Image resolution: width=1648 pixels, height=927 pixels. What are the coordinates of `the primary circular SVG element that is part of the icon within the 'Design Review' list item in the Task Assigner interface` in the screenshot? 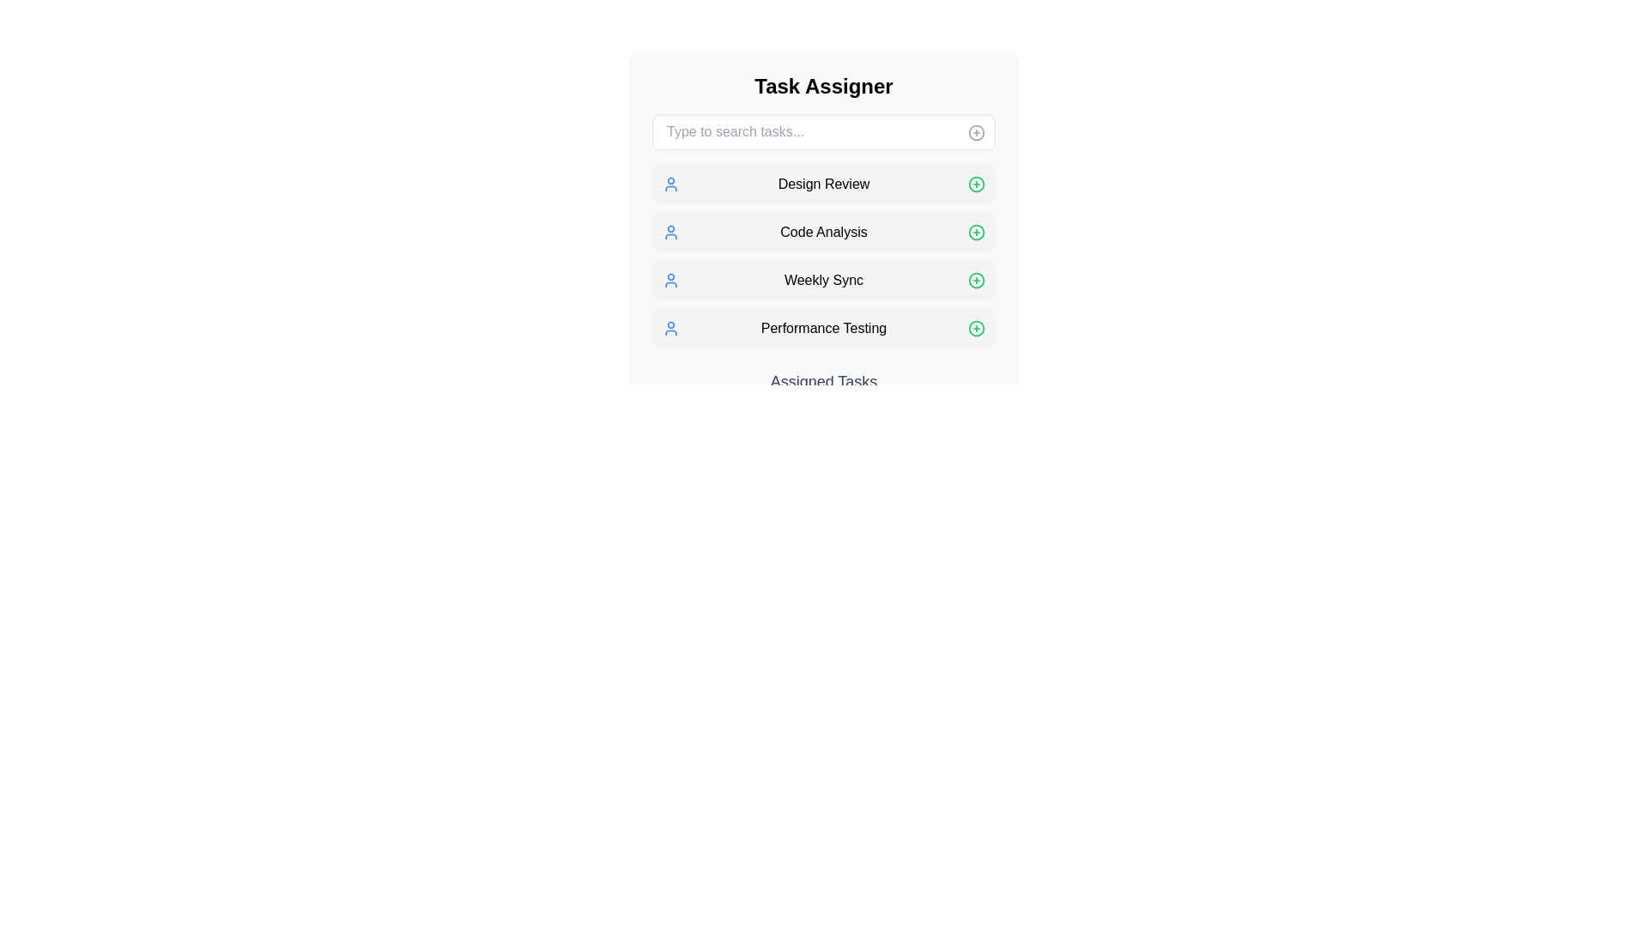 It's located at (976, 185).